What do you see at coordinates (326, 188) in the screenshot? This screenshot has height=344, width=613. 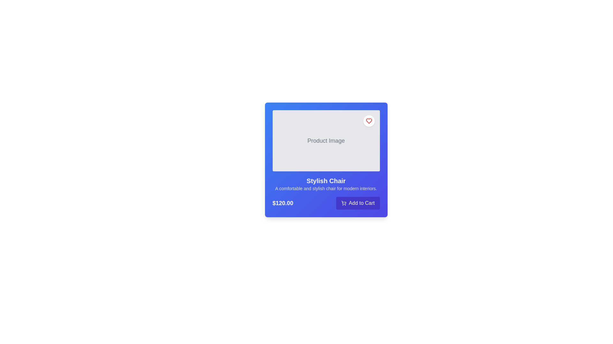 I see `descriptive text 'A comfortable and stylish chair for modern interiors.' located below the 'Stylish Chair' title in the product card interface` at bounding box center [326, 188].